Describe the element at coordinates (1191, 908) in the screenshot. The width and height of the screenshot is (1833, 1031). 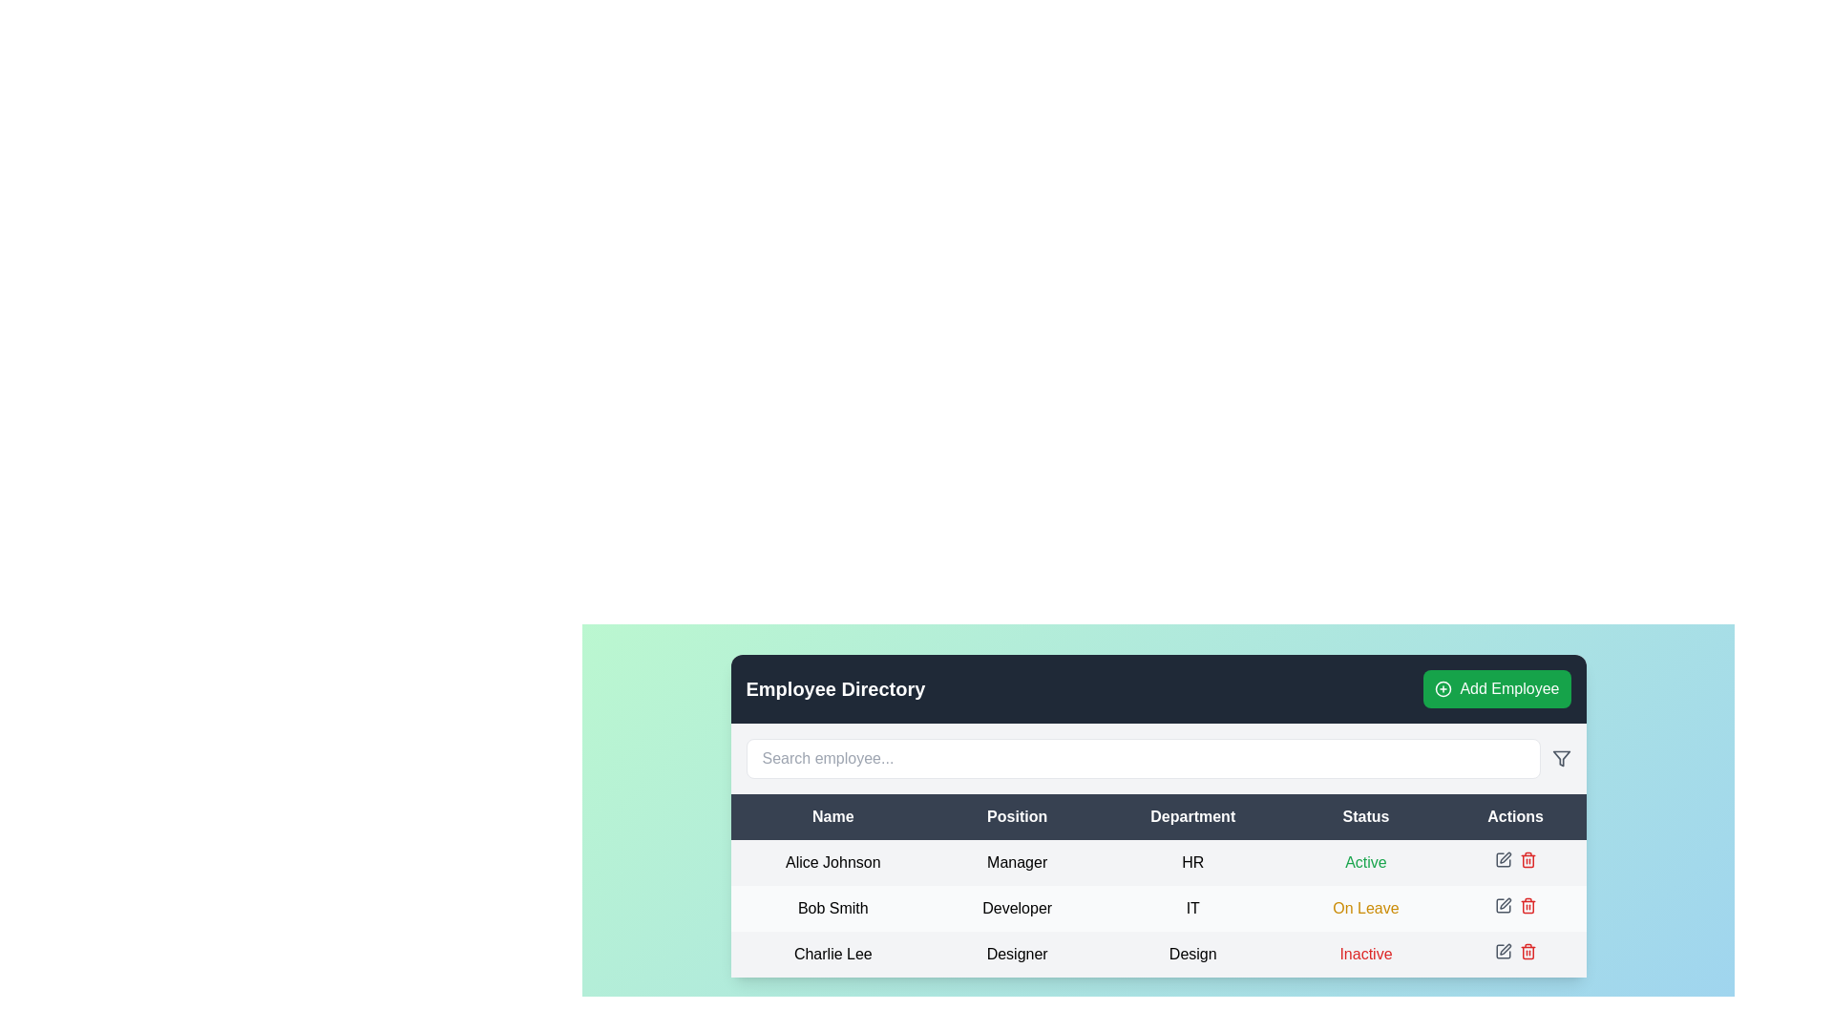
I see `the 'IT' text field in the 'Department' column for the employee 'Bob Smith' in the employee table` at that location.